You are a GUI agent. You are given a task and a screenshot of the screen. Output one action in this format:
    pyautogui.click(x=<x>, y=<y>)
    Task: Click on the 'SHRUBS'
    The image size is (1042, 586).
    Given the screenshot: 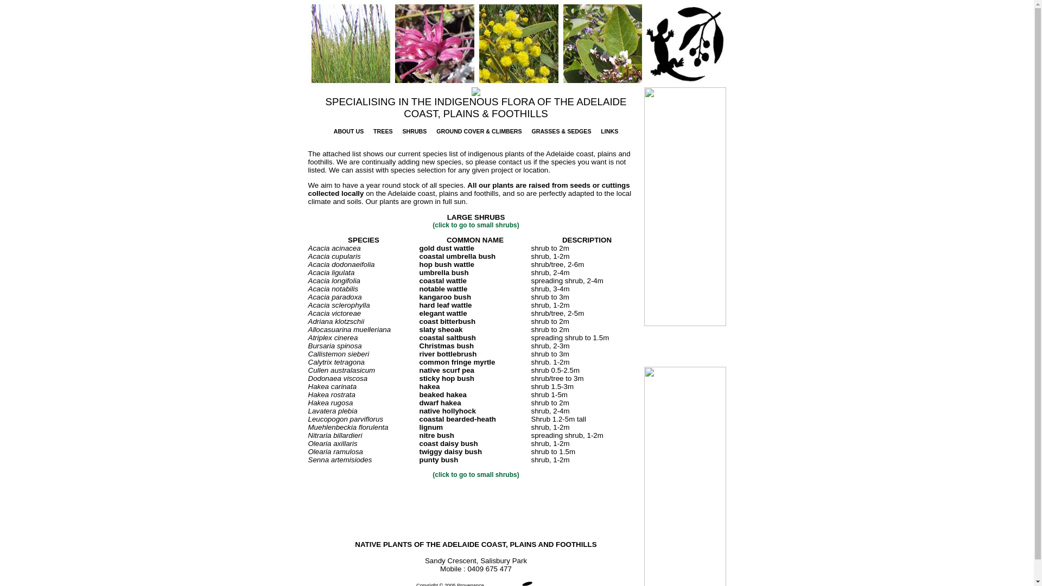 What is the action you would take?
    pyautogui.click(x=414, y=131)
    